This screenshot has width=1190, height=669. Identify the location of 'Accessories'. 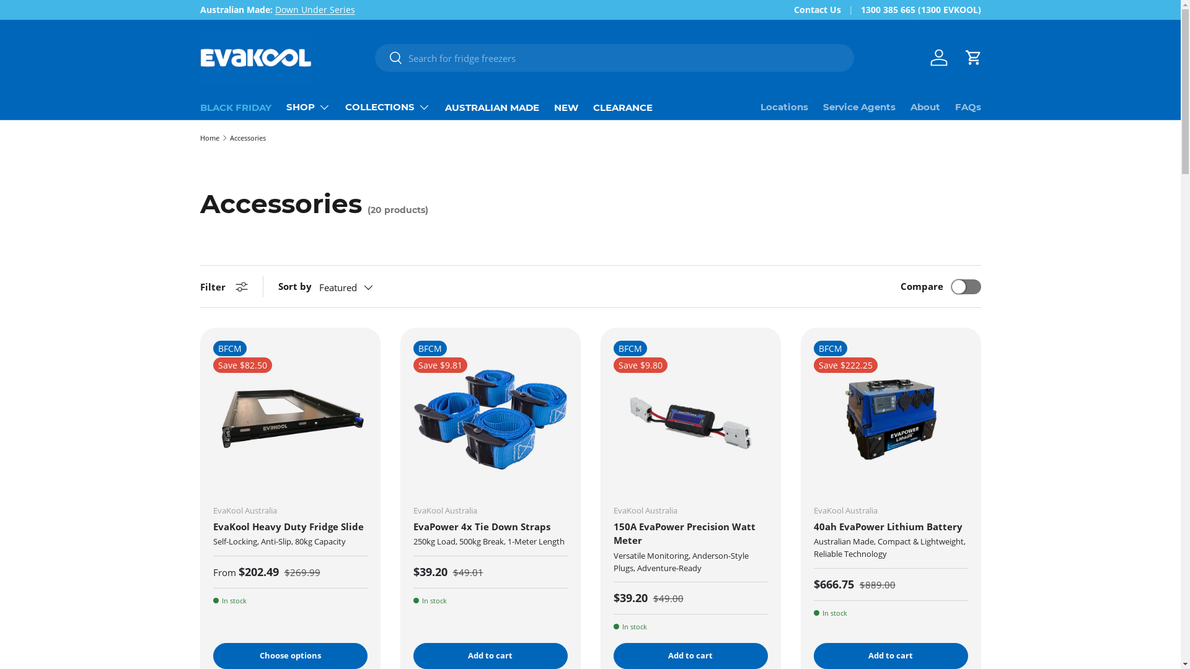
(247, 138).